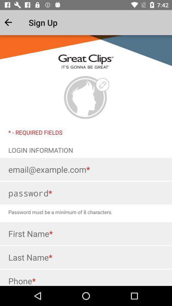 The width and height of the screenshot is (172, 306). What do you see at coordinates (86, 98) in the screenshot?
I see `icon above * - required fields icon` at bounding box center [86, 98].